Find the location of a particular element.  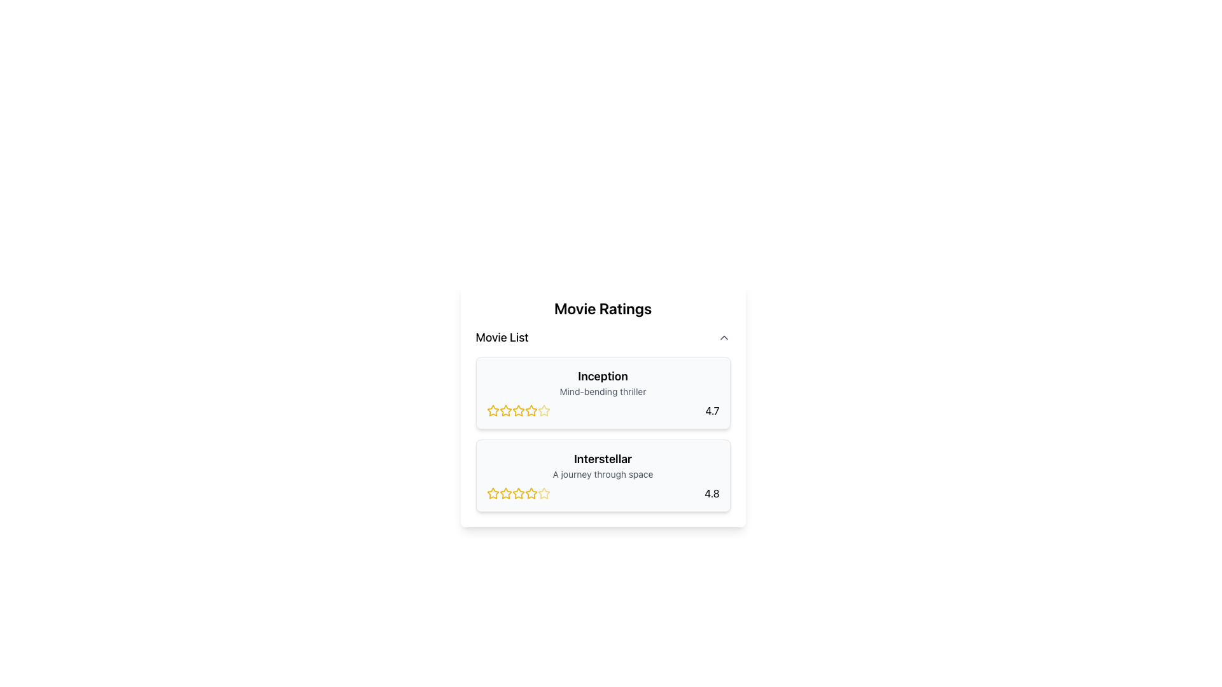

the highlighted star button for rating the movie 'Interstellar' located in the ratings section is located at coordinates (492, 492).